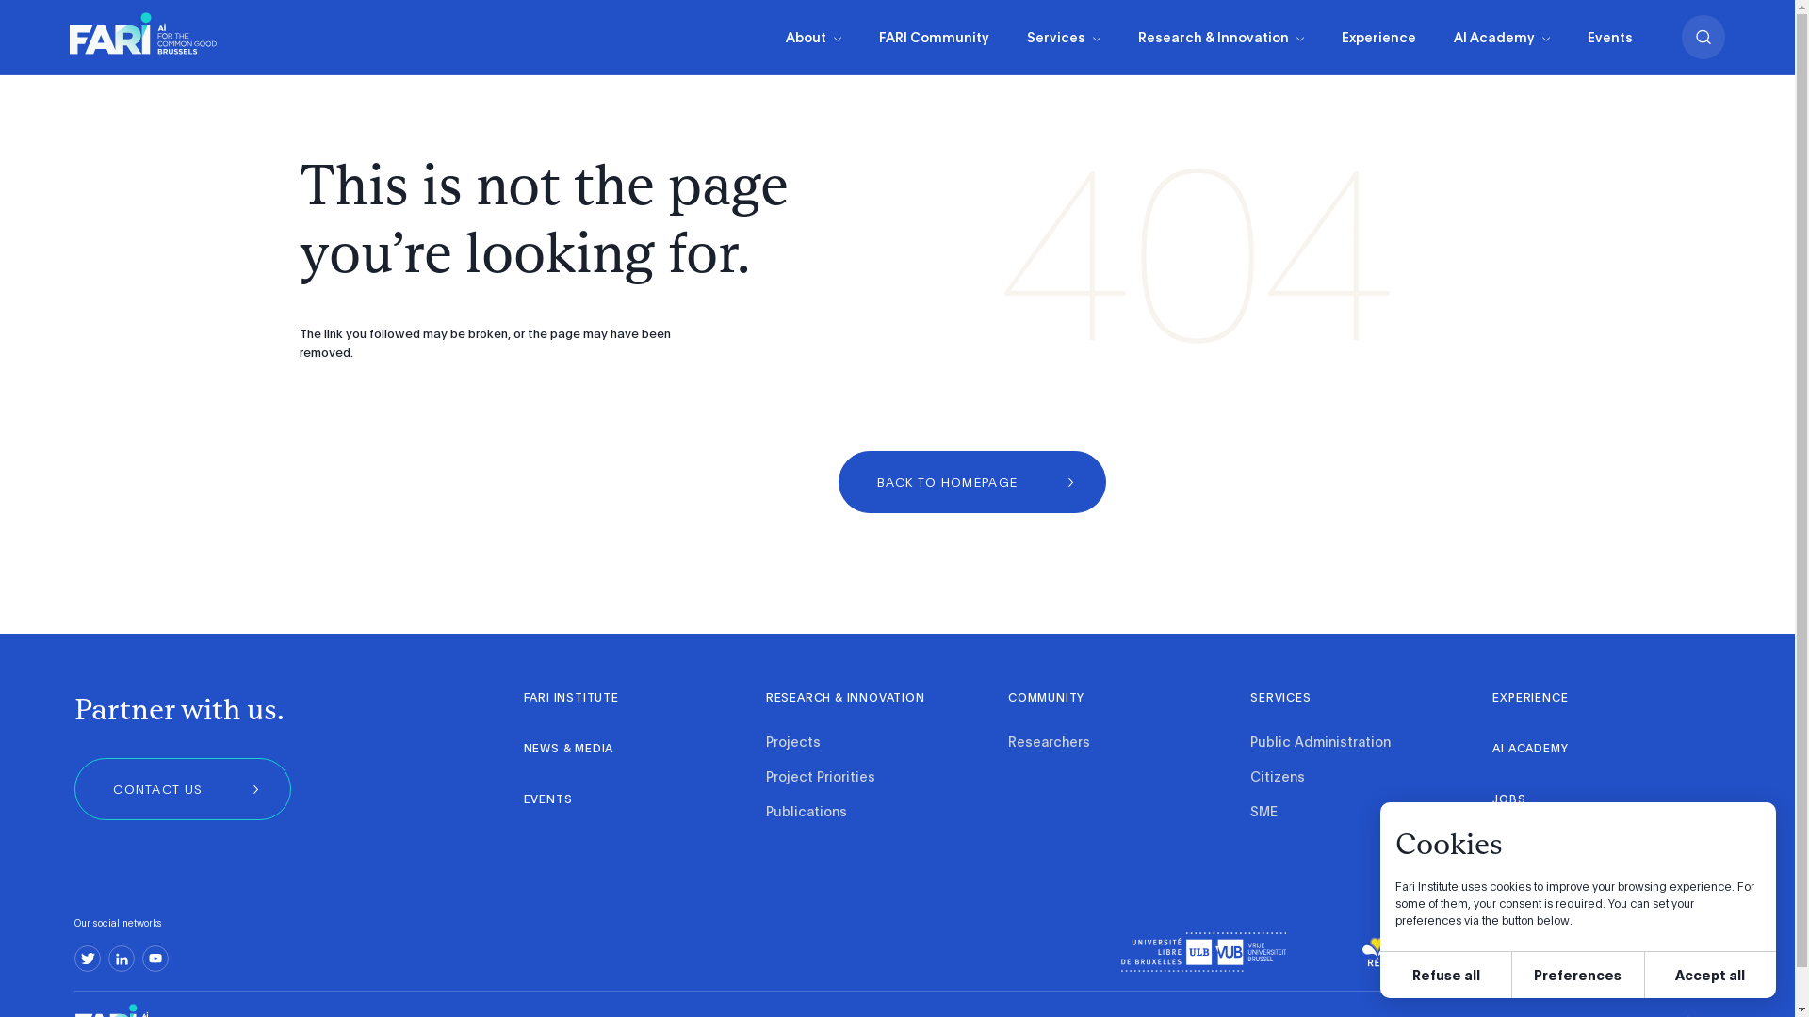  I want to click on 'CONTACT US', so click(182, 788).